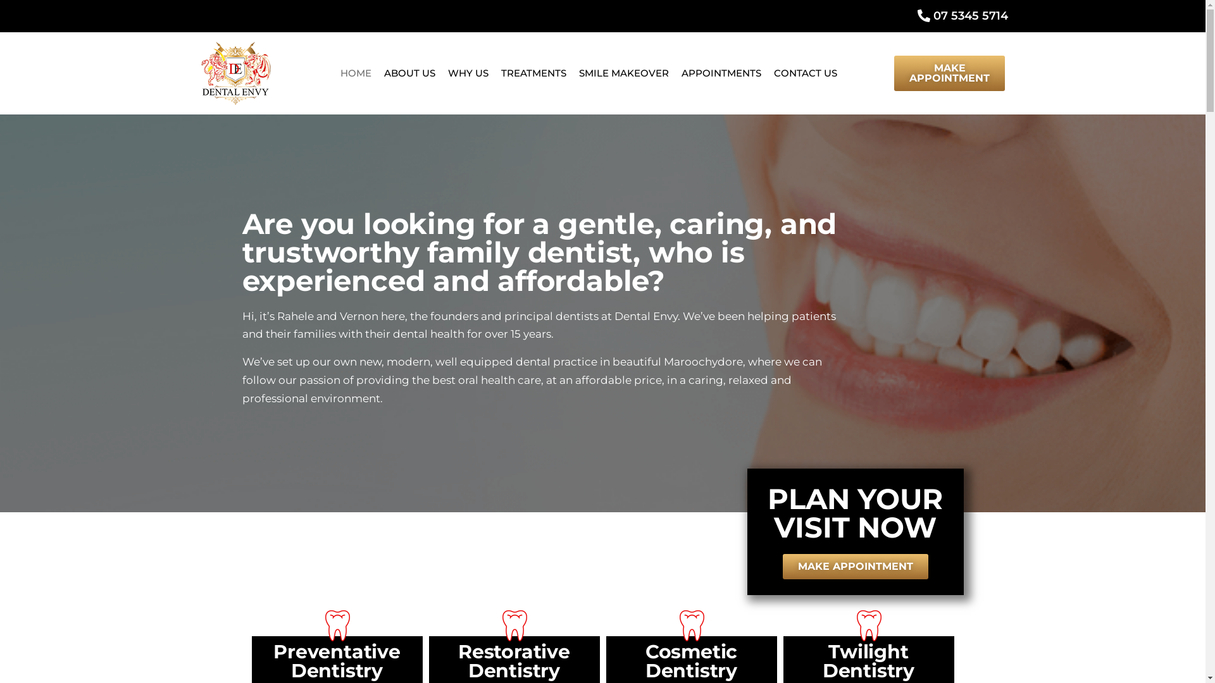 The image size is (1215, 683). I want to click on 'TREATMENTS', so click(494, 73).